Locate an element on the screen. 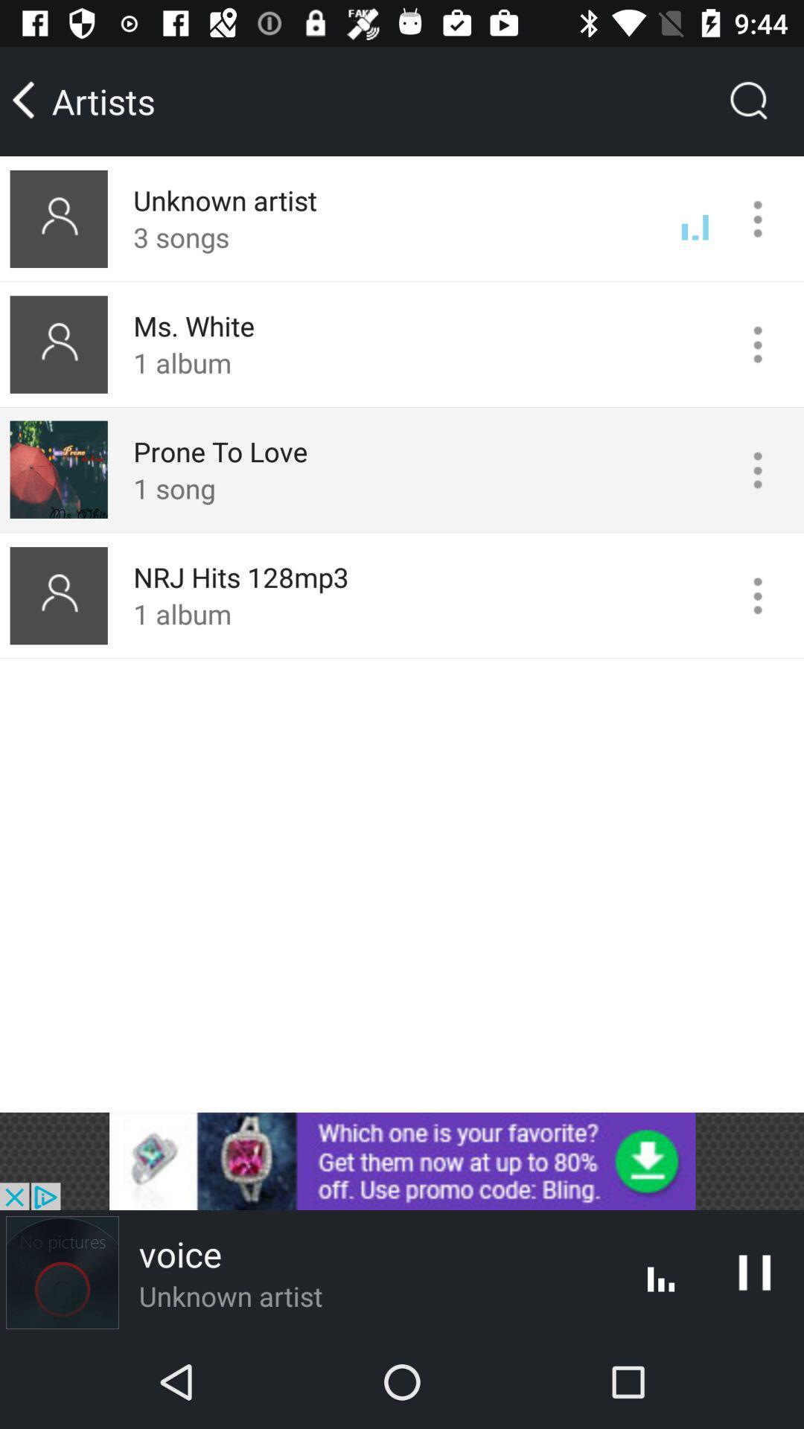 The height and width of the screenshot is (1429, 804). the search icon is located at coordinates (749, 100).